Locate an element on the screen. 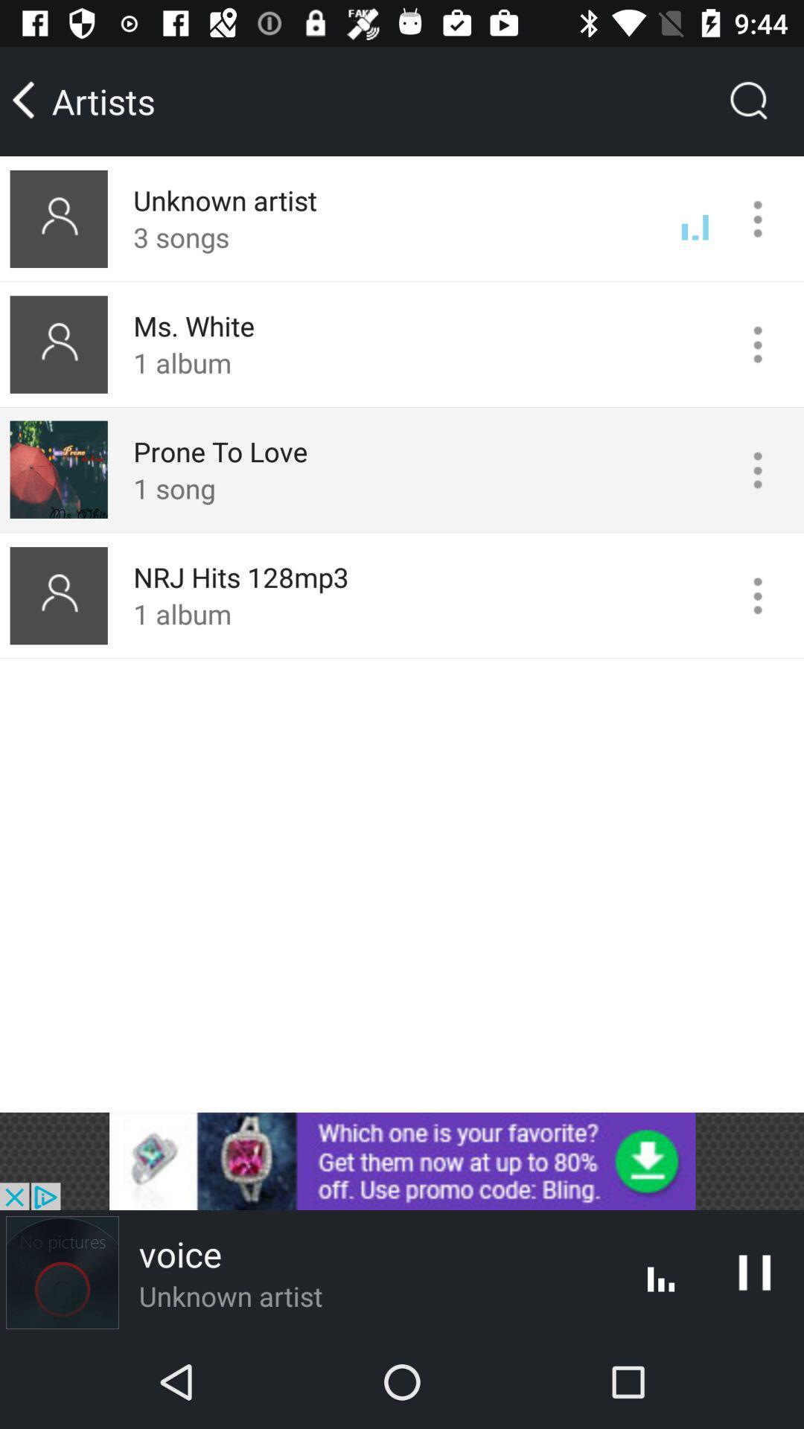 The height and width of the screenshot is (1429, 804). the search icon is located at coordinates (749, 100).